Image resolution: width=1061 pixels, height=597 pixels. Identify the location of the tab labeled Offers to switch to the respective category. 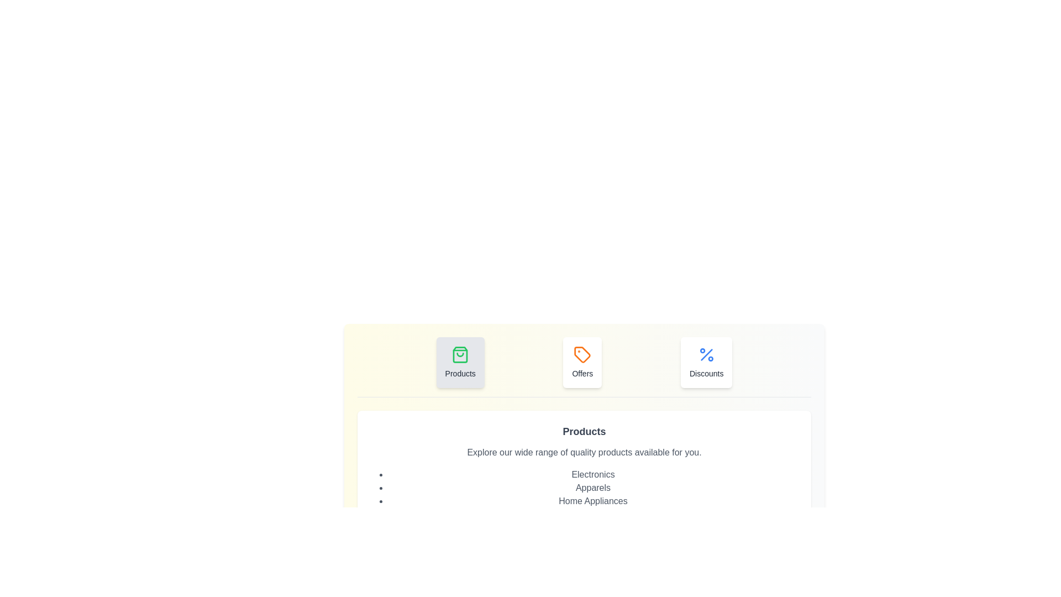
(582, 362).